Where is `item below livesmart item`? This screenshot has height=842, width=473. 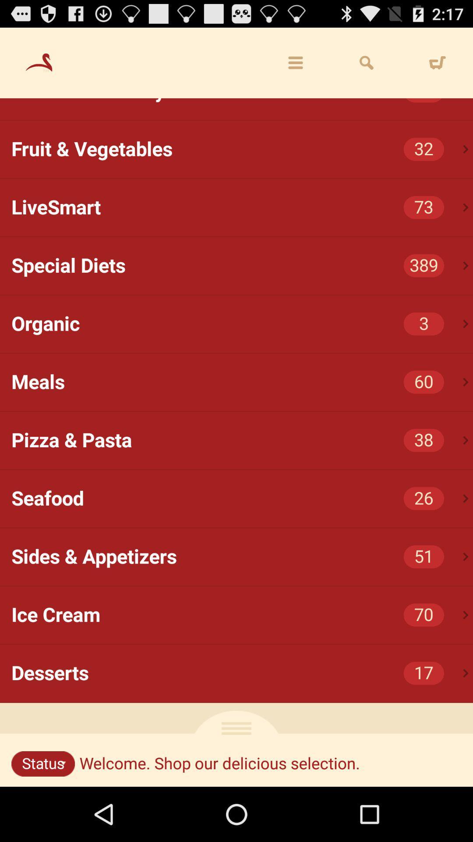
item below livesmart item is located at coordinates (423, 265).